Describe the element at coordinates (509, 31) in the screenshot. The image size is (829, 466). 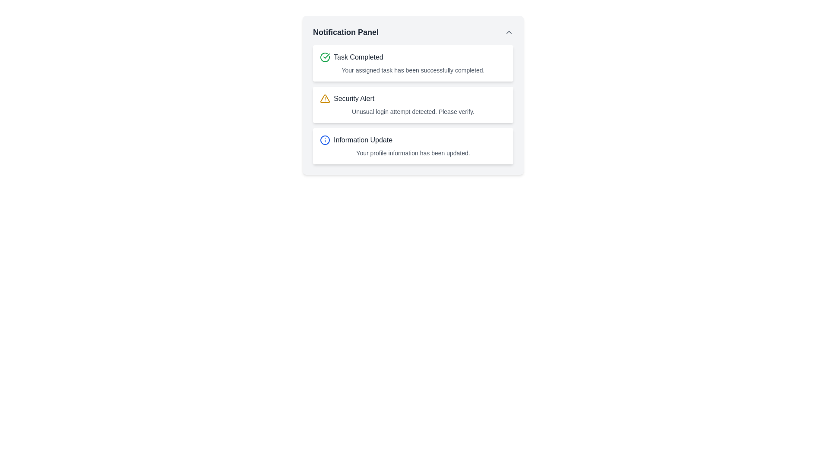
I see `the chevron icon located at the top-right corner of the 'Notification Panel', which serves as a toggle to expand or minimize its content` at that location.